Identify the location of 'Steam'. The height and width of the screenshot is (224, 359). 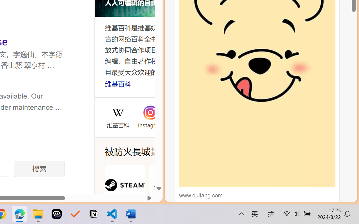
(125, 192).